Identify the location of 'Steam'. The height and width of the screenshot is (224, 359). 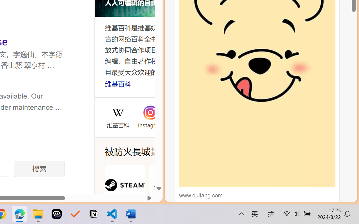
(125, 192).